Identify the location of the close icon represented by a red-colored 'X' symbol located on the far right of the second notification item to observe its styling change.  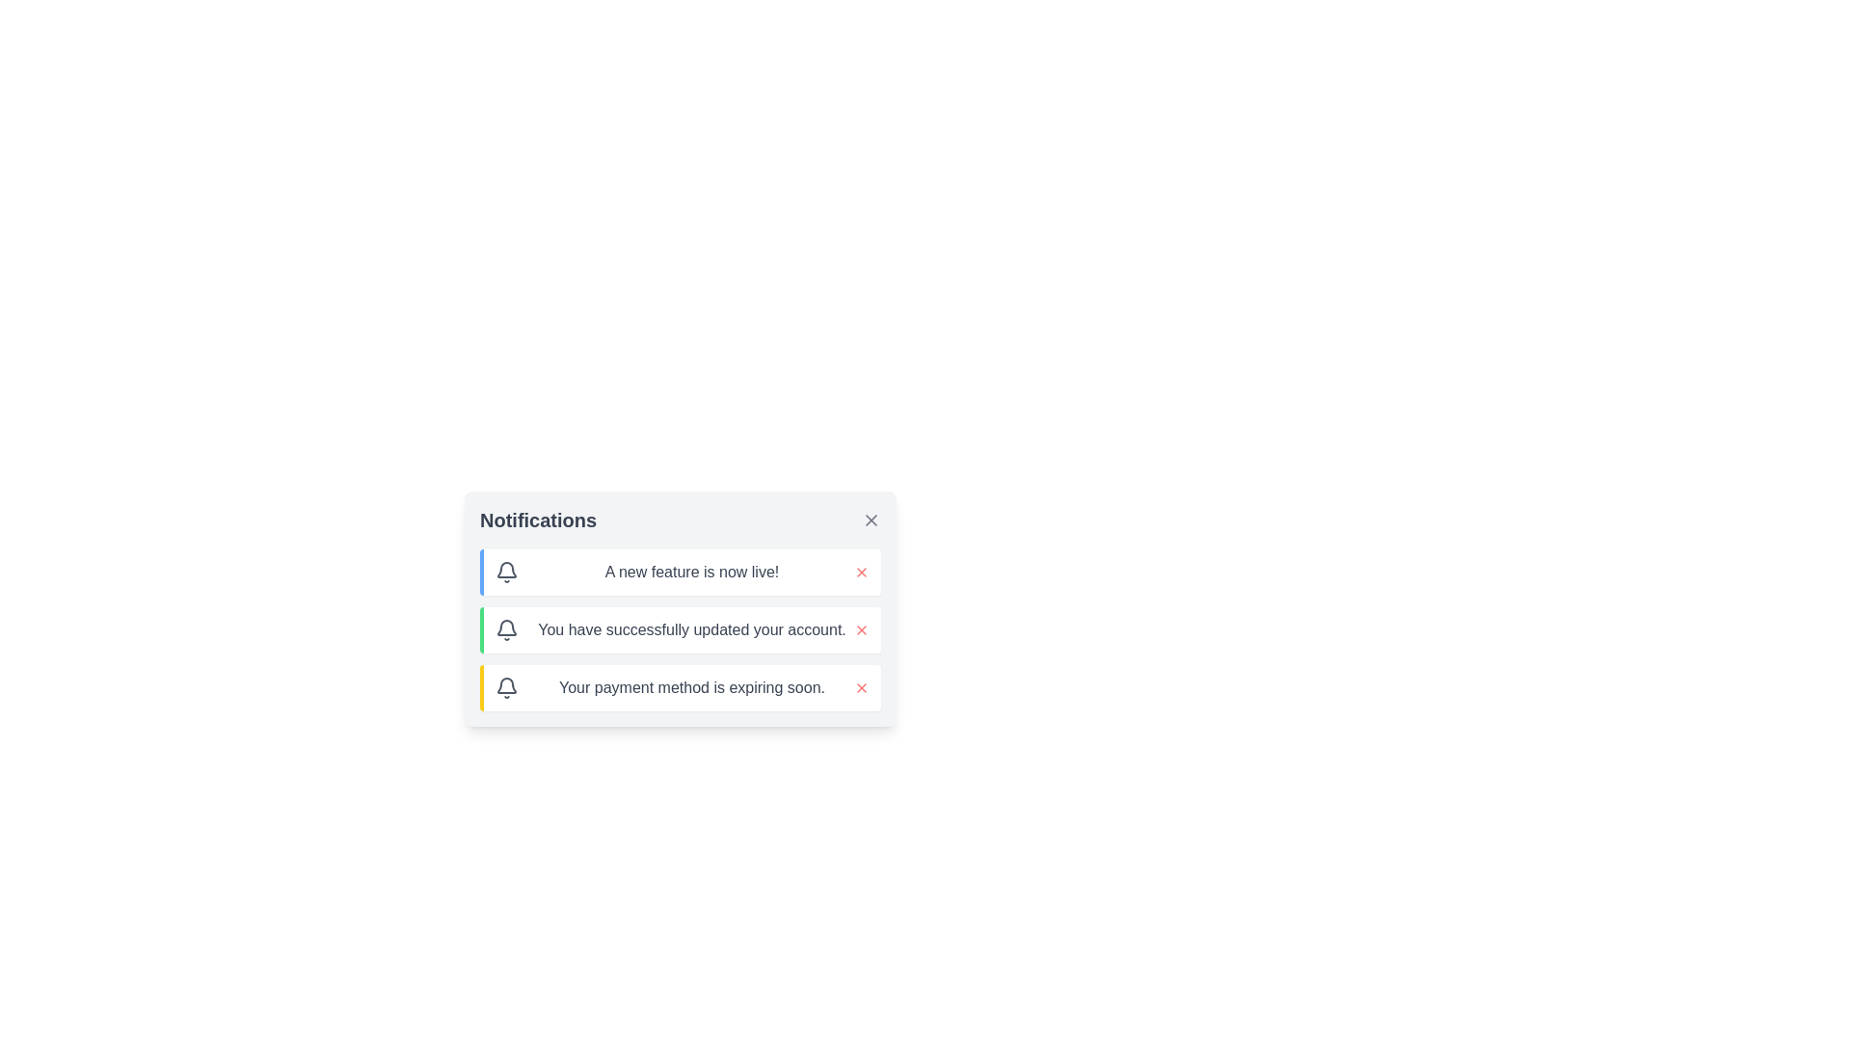
(860, 630).